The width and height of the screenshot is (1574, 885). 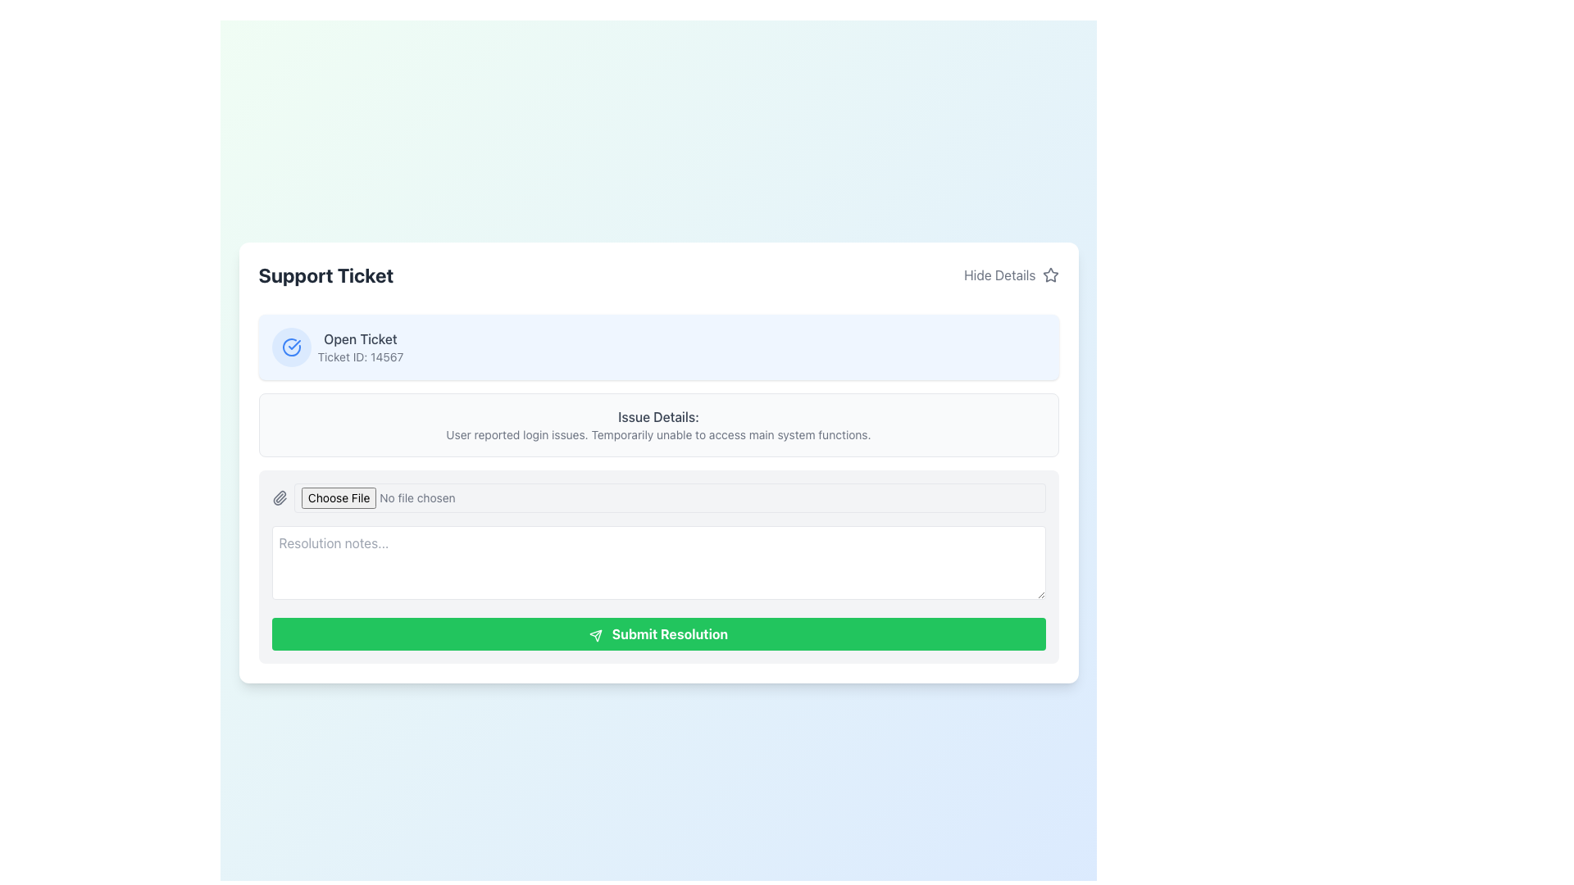 I want to click on the text block displaying 'Open Ticket' and 'Ticket ID: 14567' in the top section of the 'Support Ticket' interface, so click(x=360, y=347).